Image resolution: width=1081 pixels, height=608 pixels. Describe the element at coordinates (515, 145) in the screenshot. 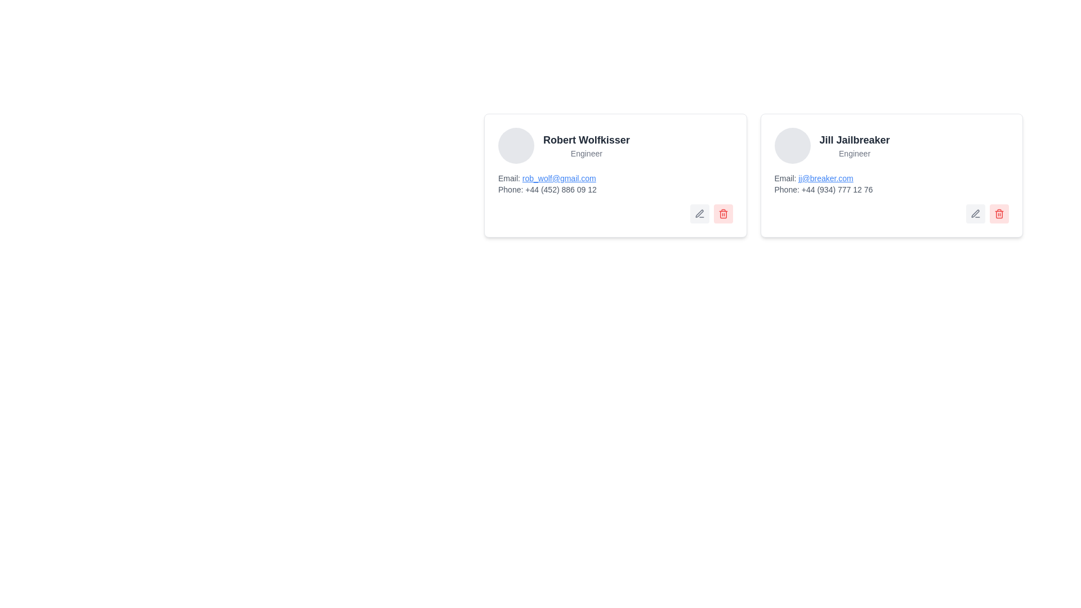

I see `the Circular Avatar Placeholder located to the left of 'Robert Wolfkisser' and 'Engineer'` at that location.